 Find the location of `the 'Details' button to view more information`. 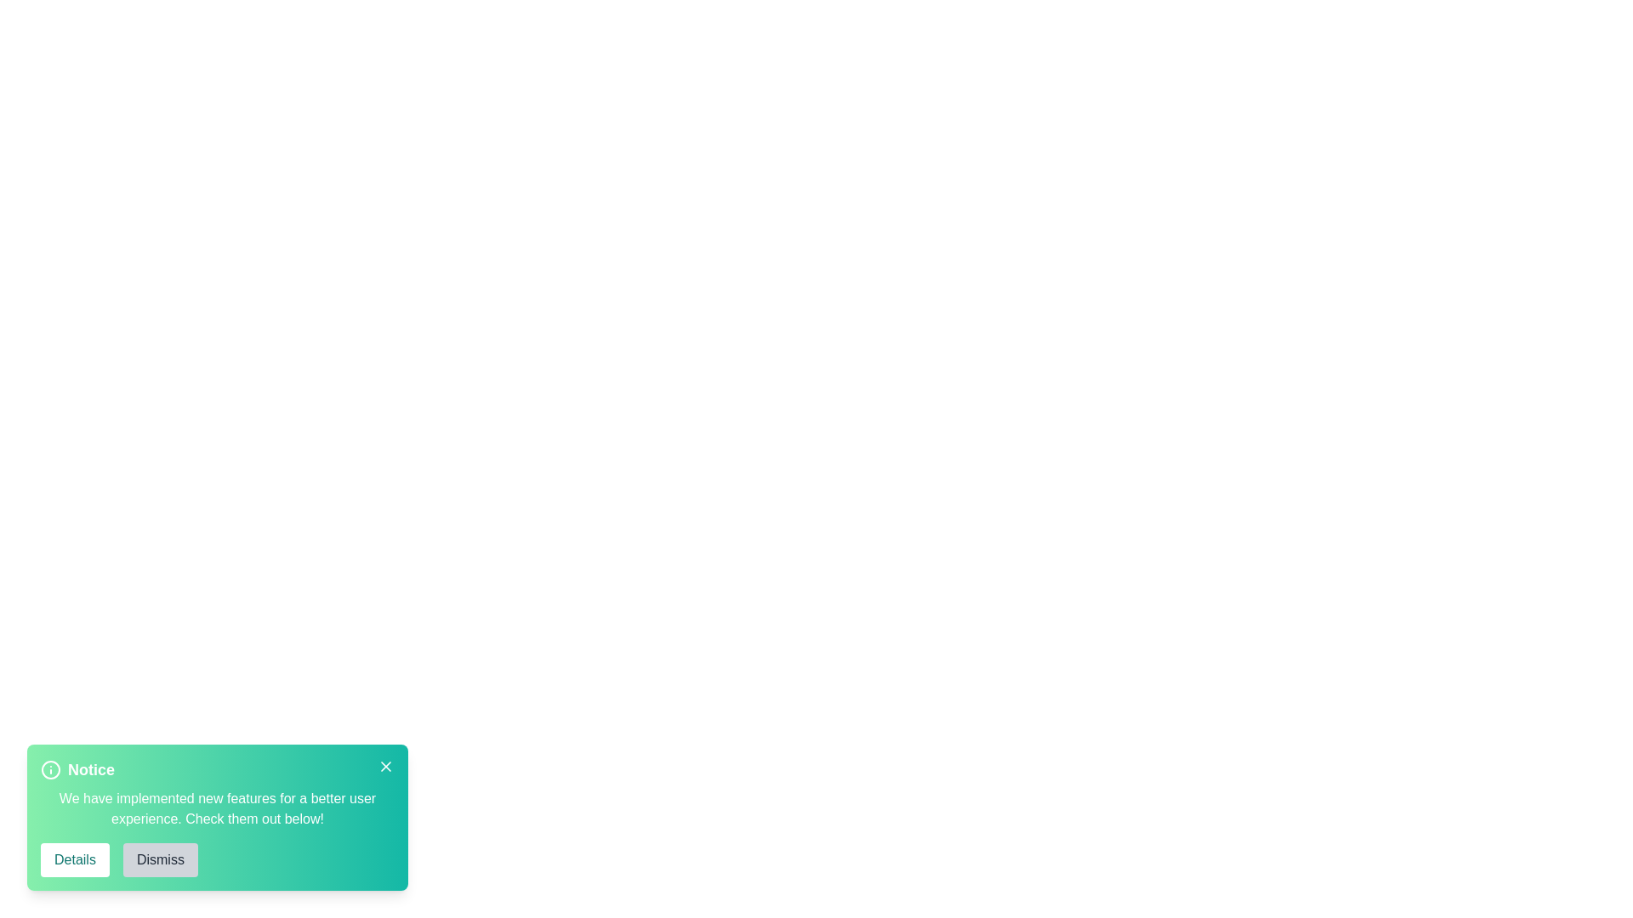

the 'Details' button to view more information is located at coordinates (73, 859).